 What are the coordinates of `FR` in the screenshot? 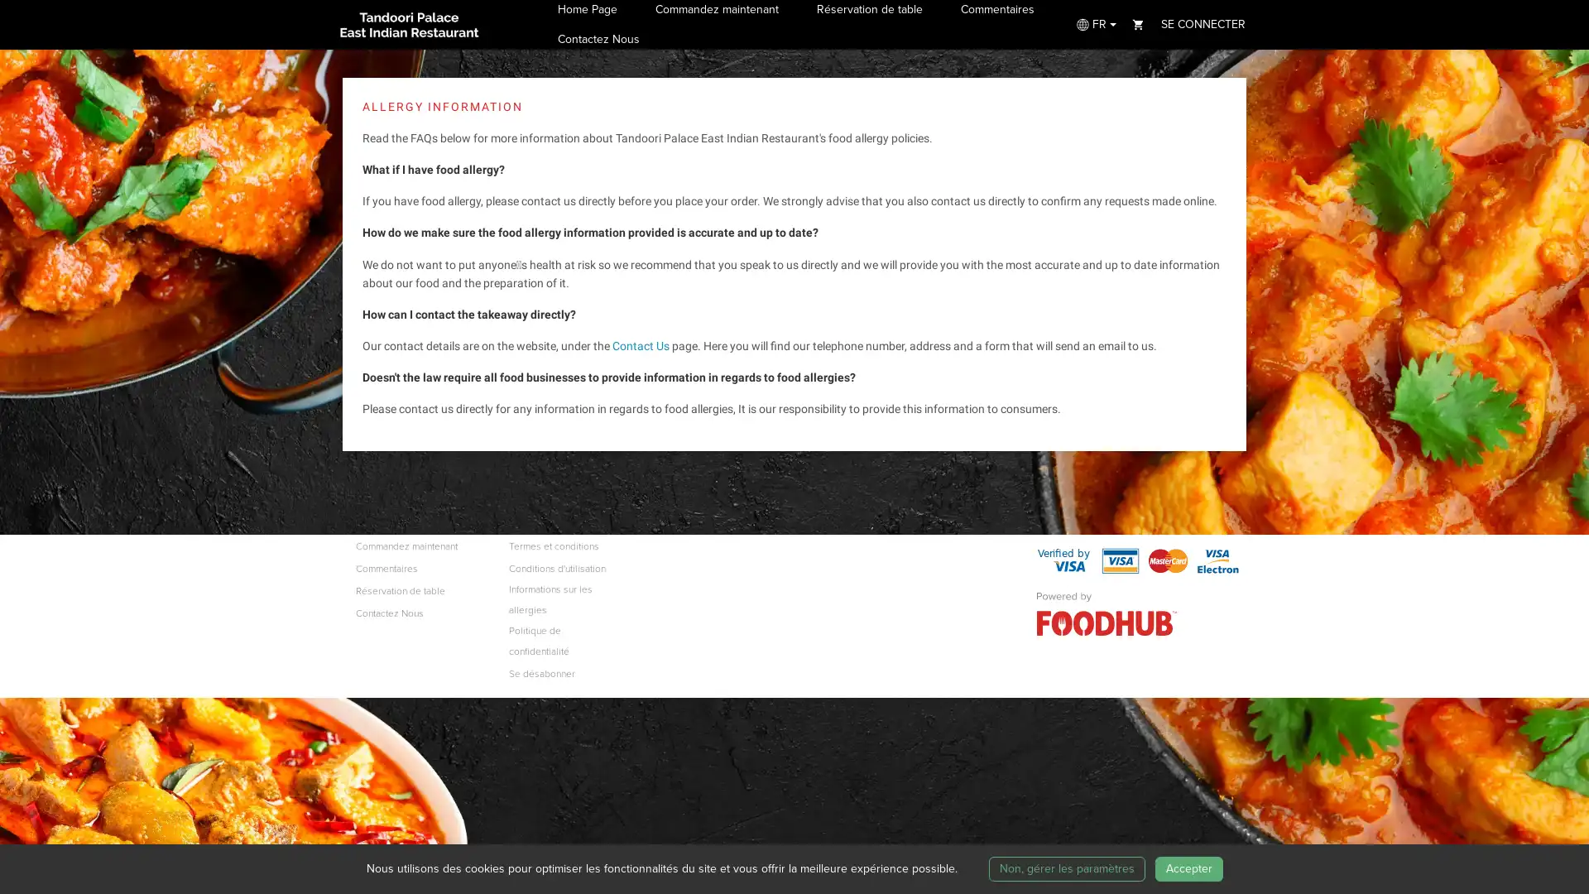 It's located at (1095, 24).